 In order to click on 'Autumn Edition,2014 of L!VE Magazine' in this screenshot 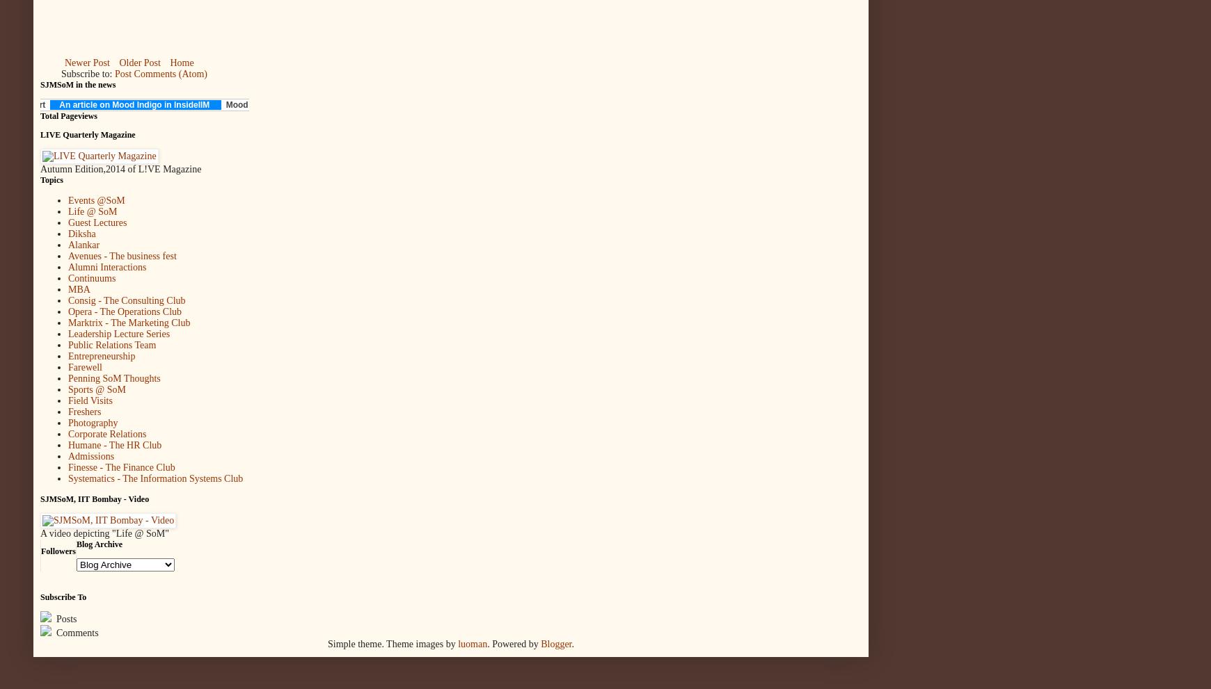, I will do `click(120, 169)`.